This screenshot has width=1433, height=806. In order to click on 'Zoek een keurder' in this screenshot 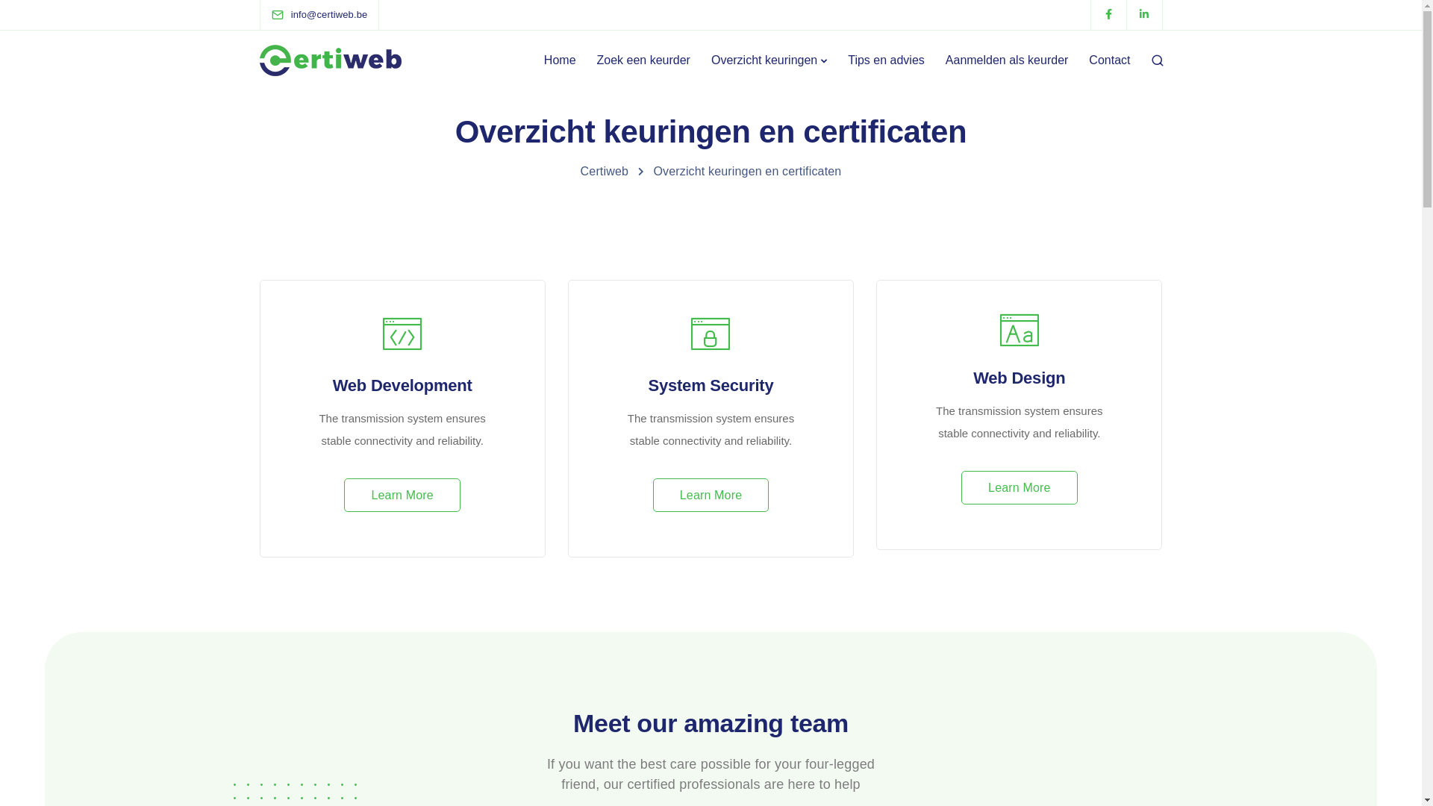, I will do `click(643, 60)`.